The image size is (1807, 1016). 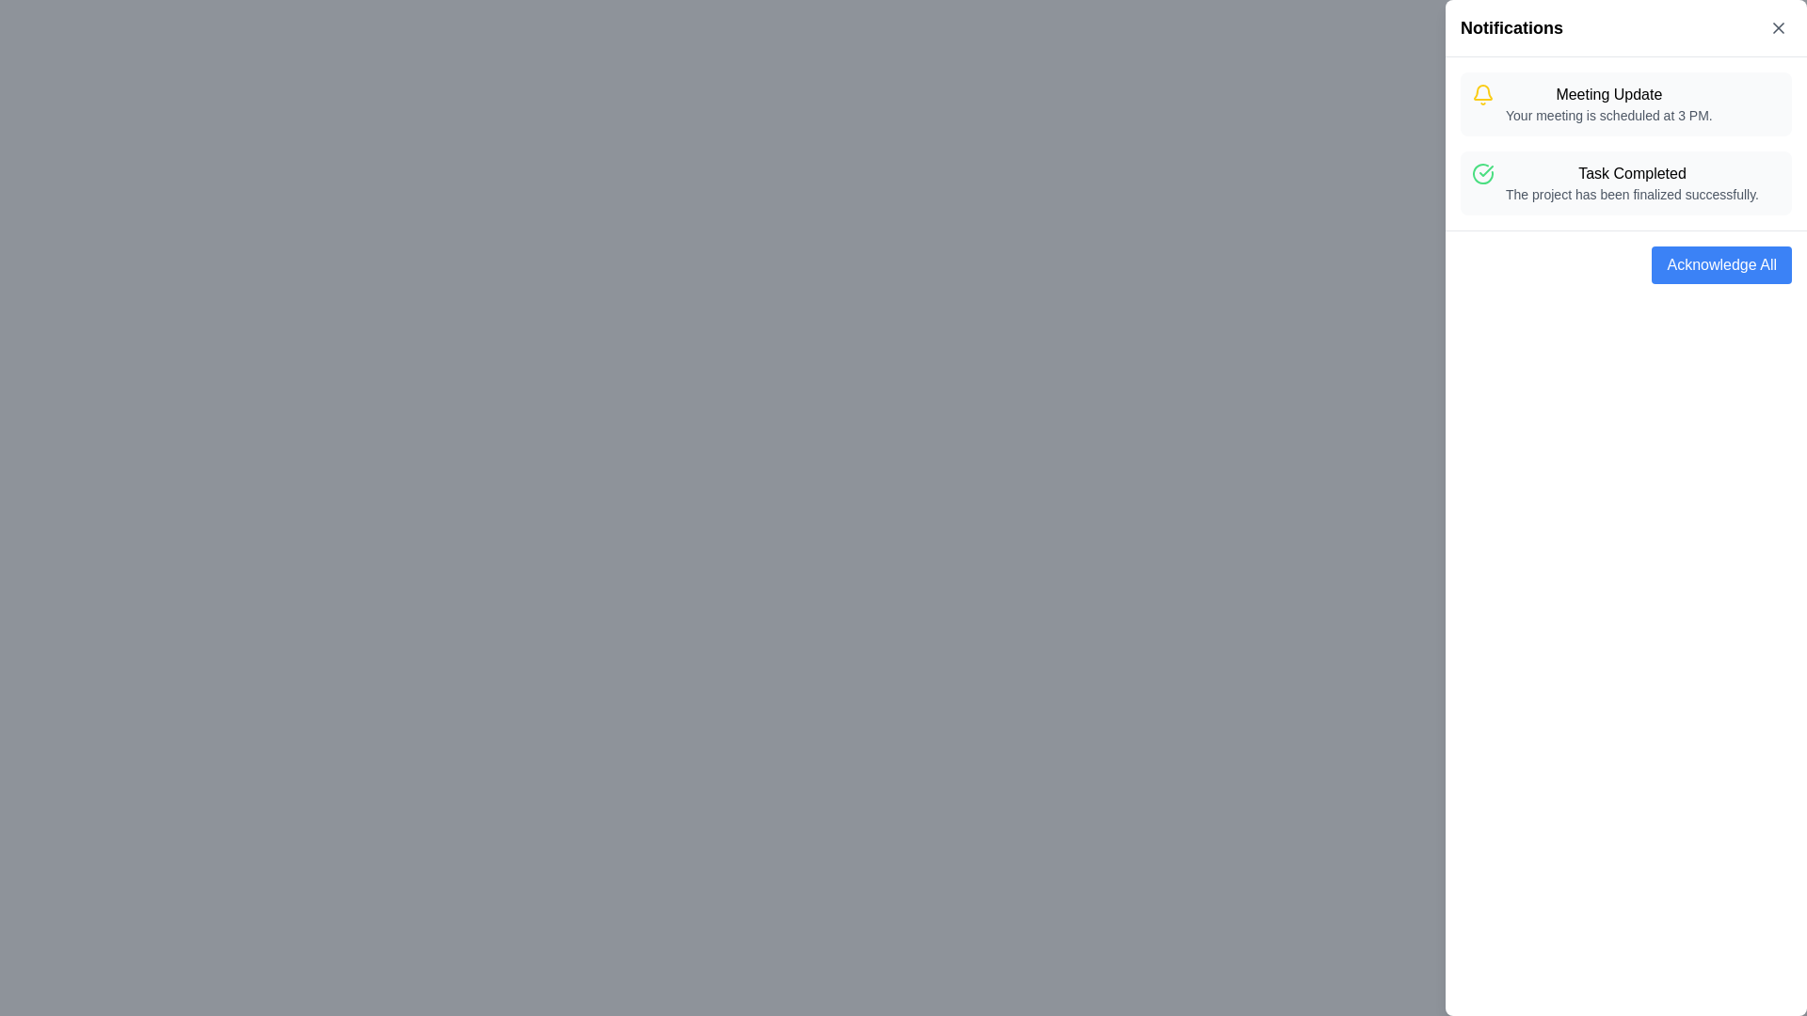 What do you see at coordinates (1607, 94) in the screenshot?
I see `the text label displaying 'Meeting Update', which is styled in black and serves as a headline in the notification panel` at bounding box center [1607, 94].